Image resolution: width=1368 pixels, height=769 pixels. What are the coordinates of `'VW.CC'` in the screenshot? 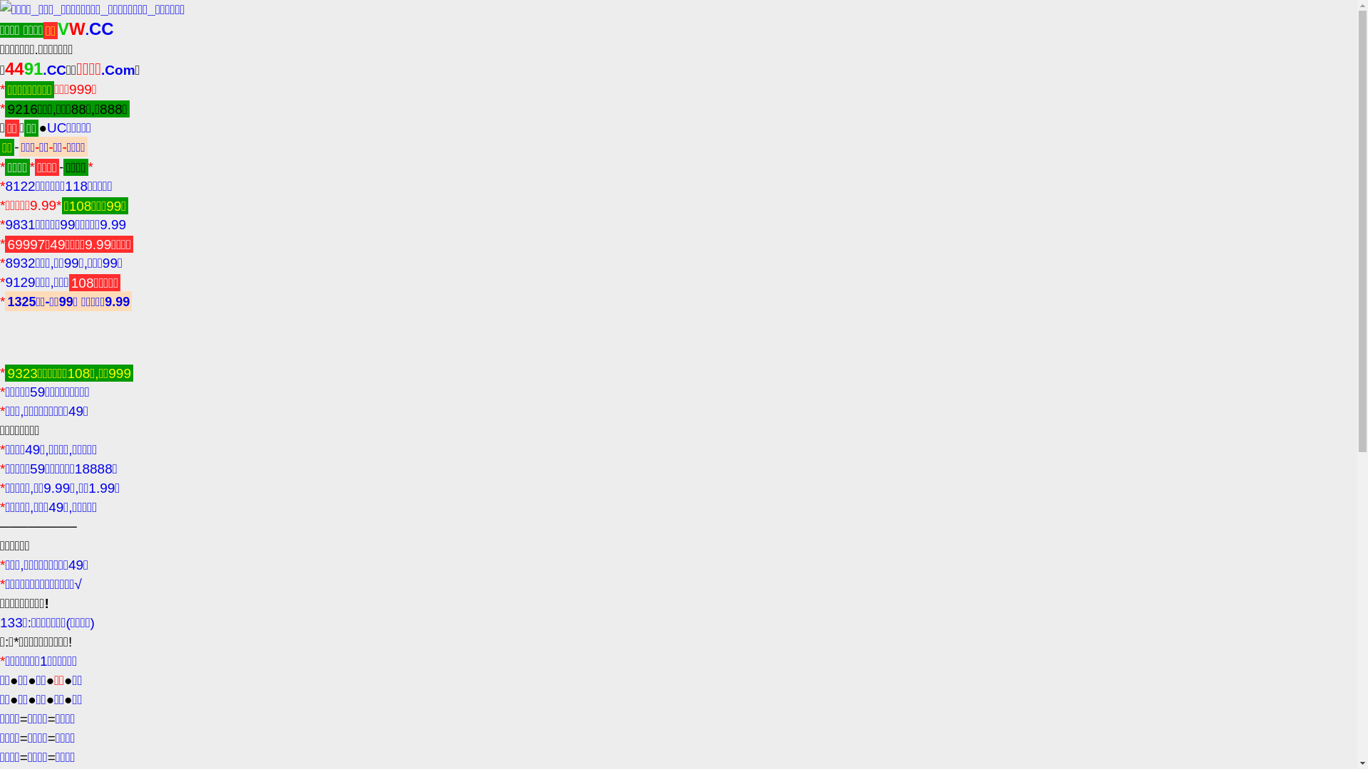 It's located at (85, 30).